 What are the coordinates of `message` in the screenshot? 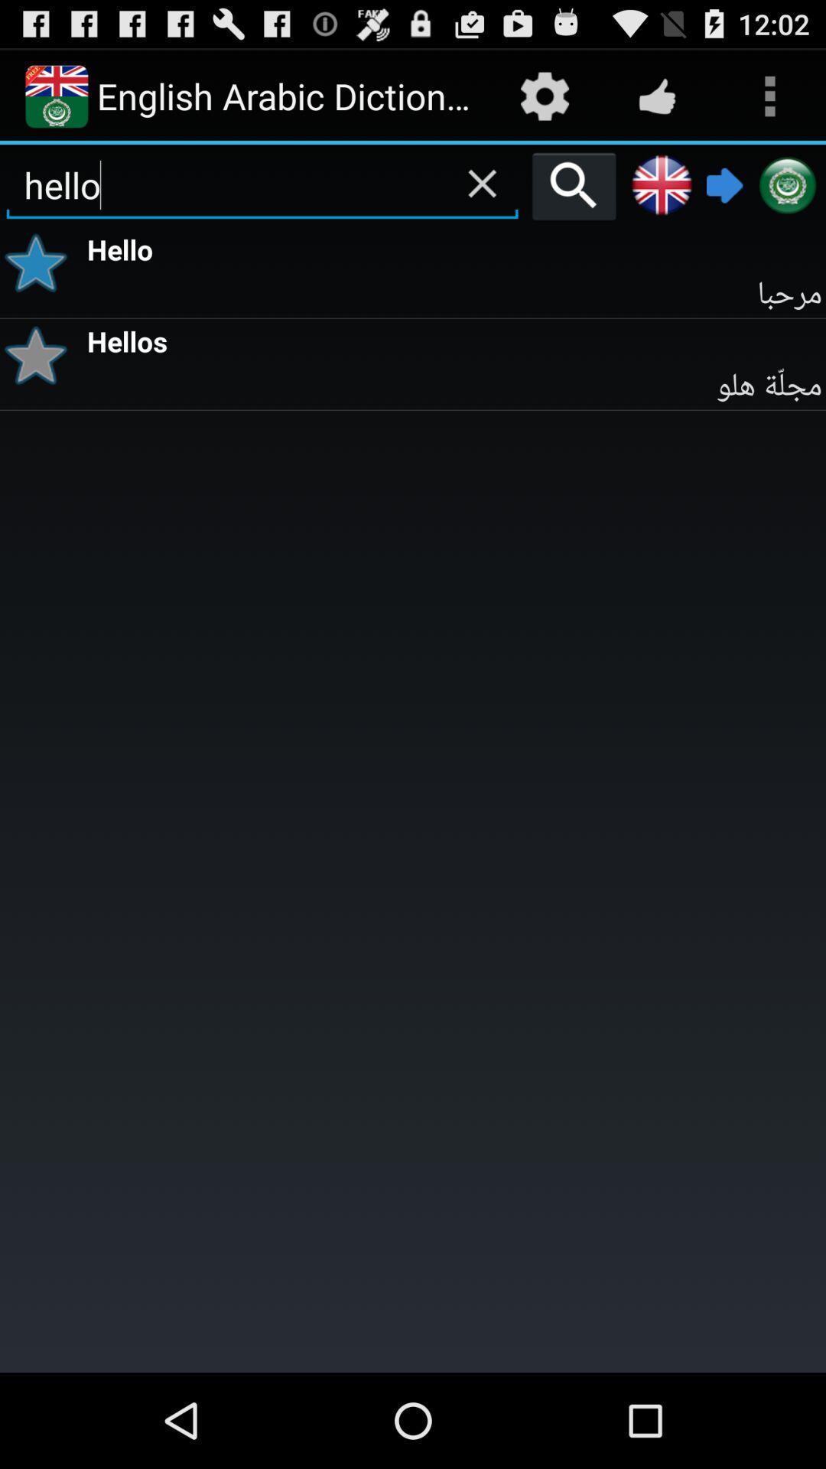 It's located at (41, 263).